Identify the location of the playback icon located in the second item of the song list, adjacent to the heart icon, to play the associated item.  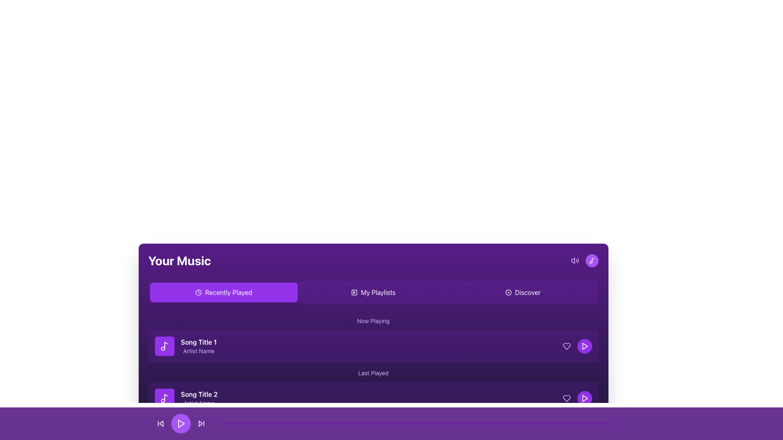
(584, 346).